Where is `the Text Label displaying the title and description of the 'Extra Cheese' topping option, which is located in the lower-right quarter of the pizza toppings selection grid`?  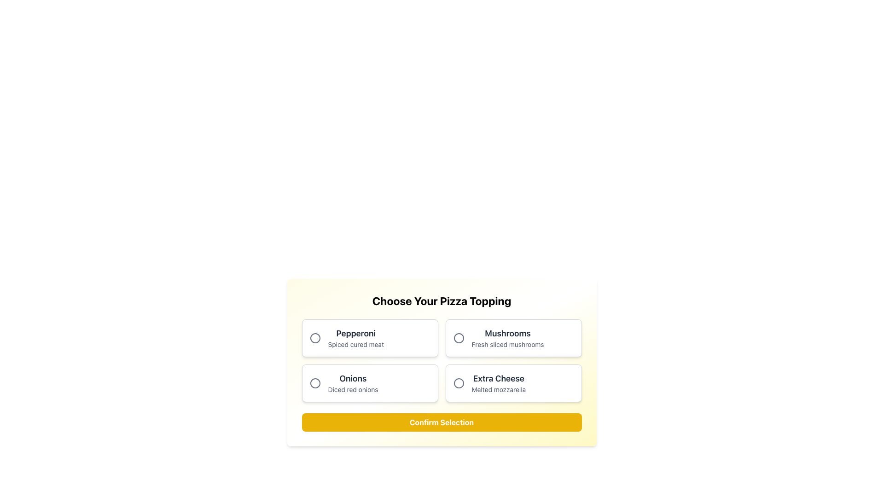
the Text Label displaying the title and description of the 'Extra Cheese' topping option, which is located in the lower-right quarter of the pizza toppings selection grid is located at coordinates (498, 383).